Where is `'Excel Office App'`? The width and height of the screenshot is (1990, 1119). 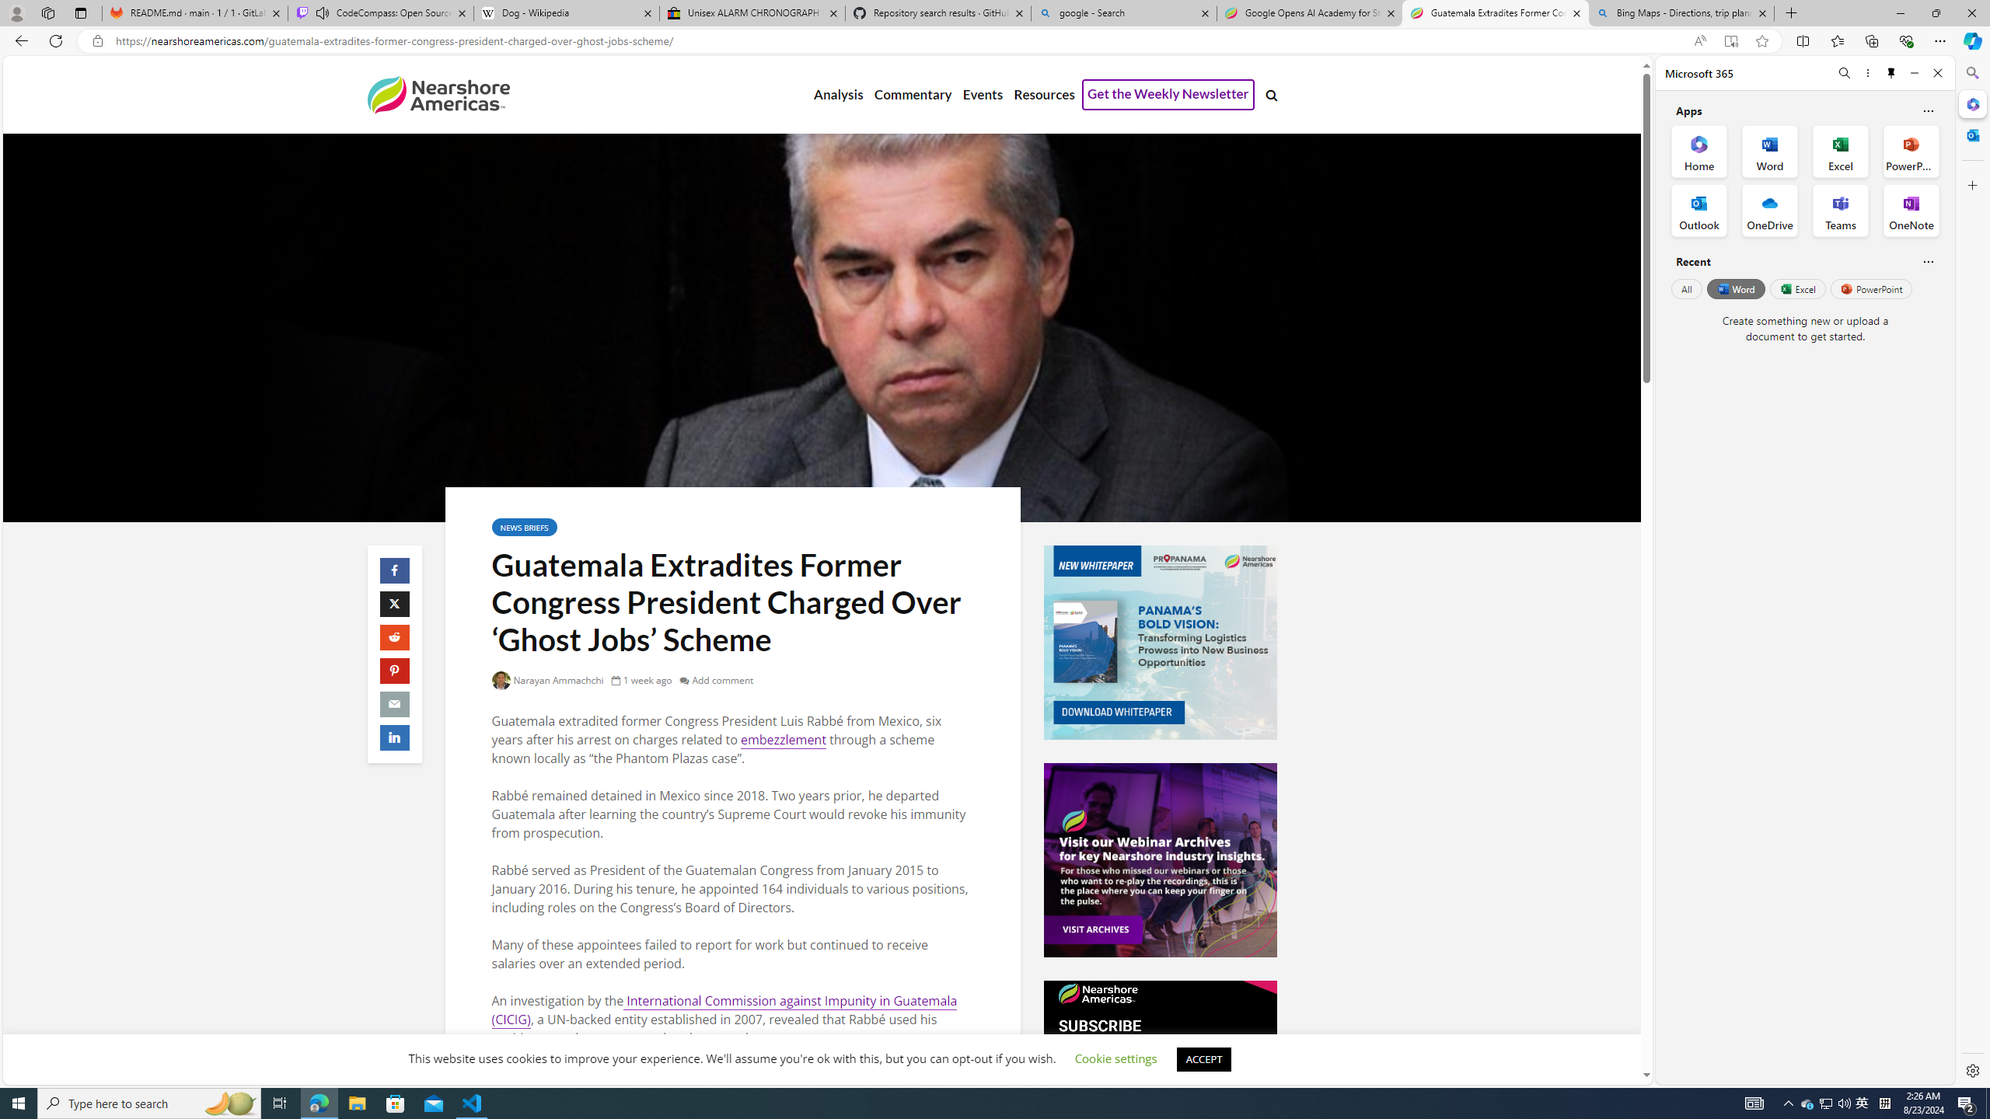 'Excel Office App' is located at coordinates (1841, 152).